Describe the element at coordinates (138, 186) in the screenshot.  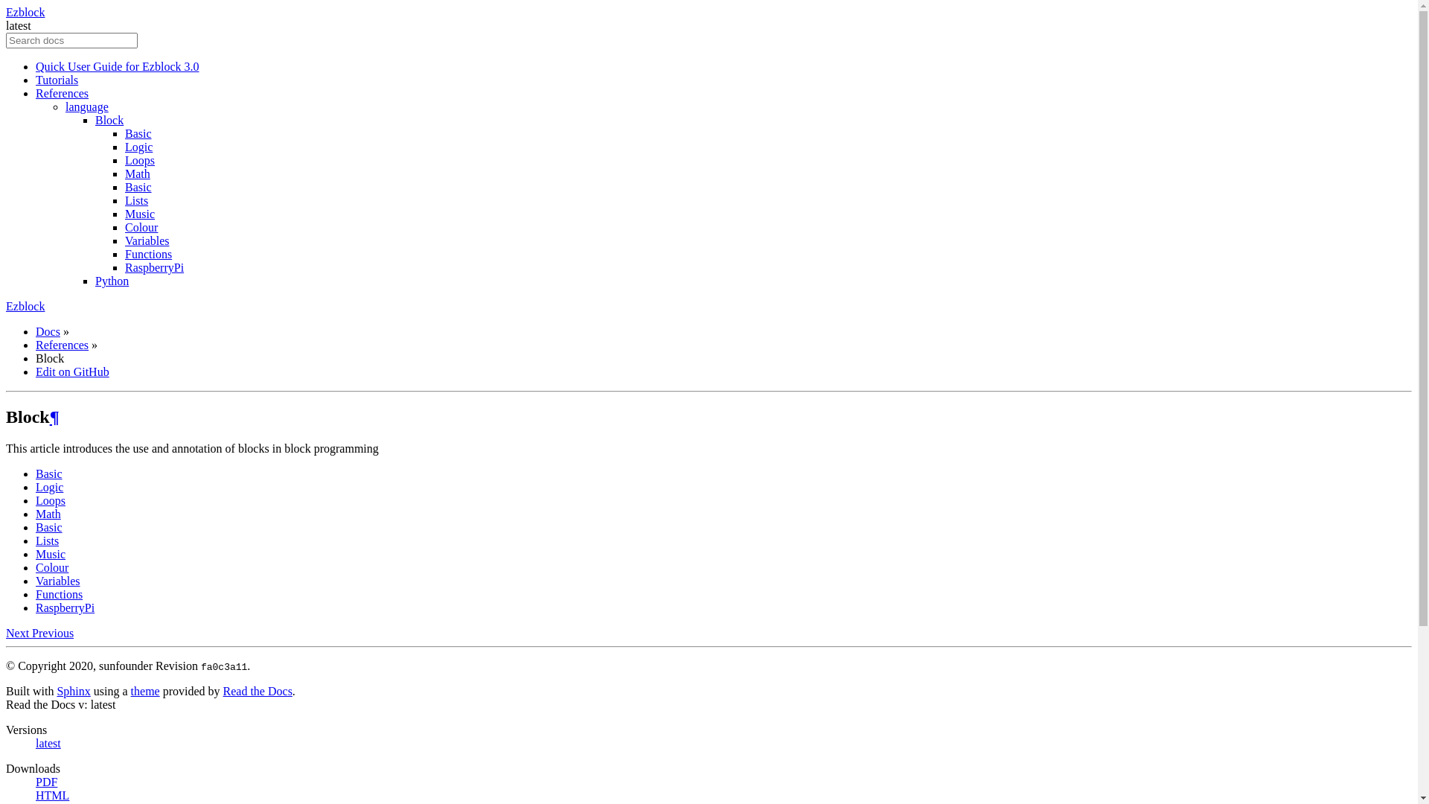
I see `'Basic'` at that location.